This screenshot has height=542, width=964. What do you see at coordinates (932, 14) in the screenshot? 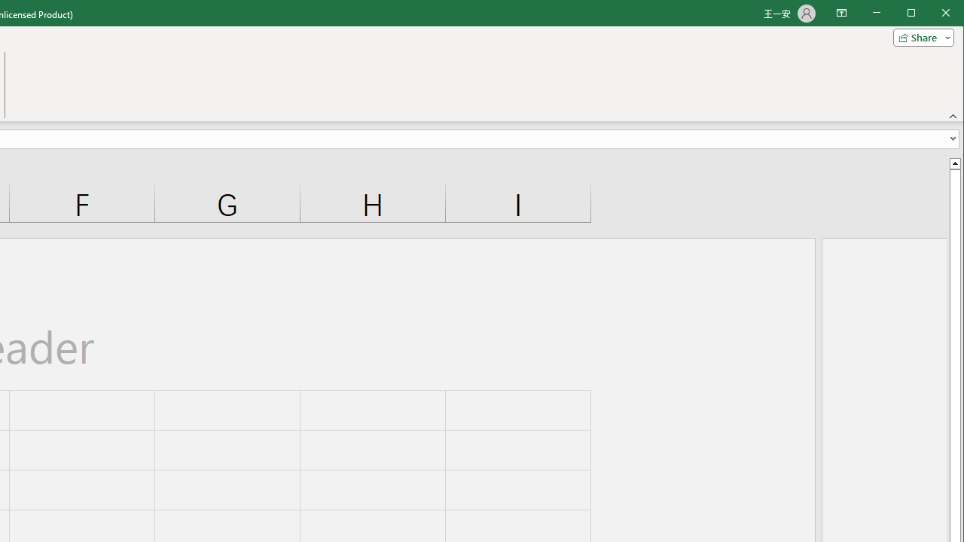
I see `'Maximize'` at bounding box center [932, 14].